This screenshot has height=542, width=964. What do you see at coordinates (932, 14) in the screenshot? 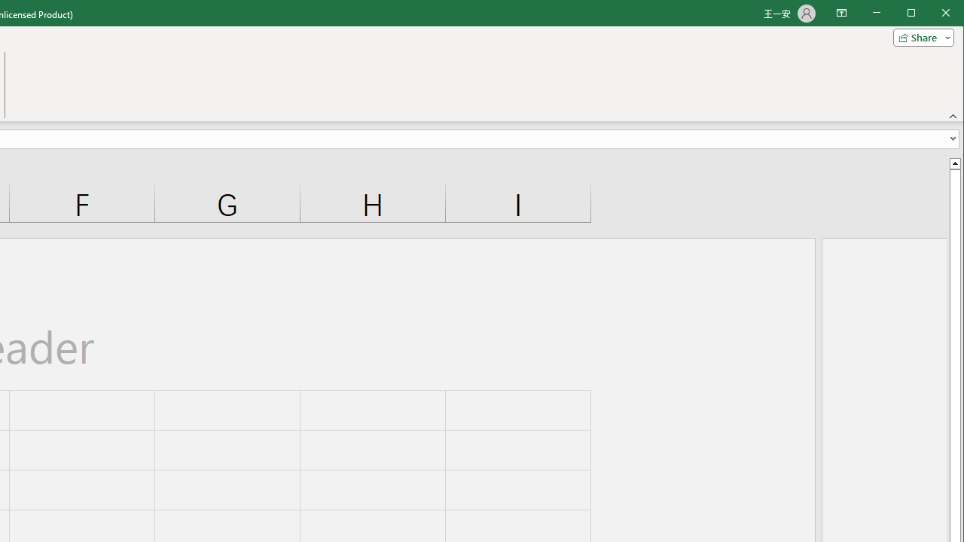
I see `'Maximize'` at bounding box center [932, 14].